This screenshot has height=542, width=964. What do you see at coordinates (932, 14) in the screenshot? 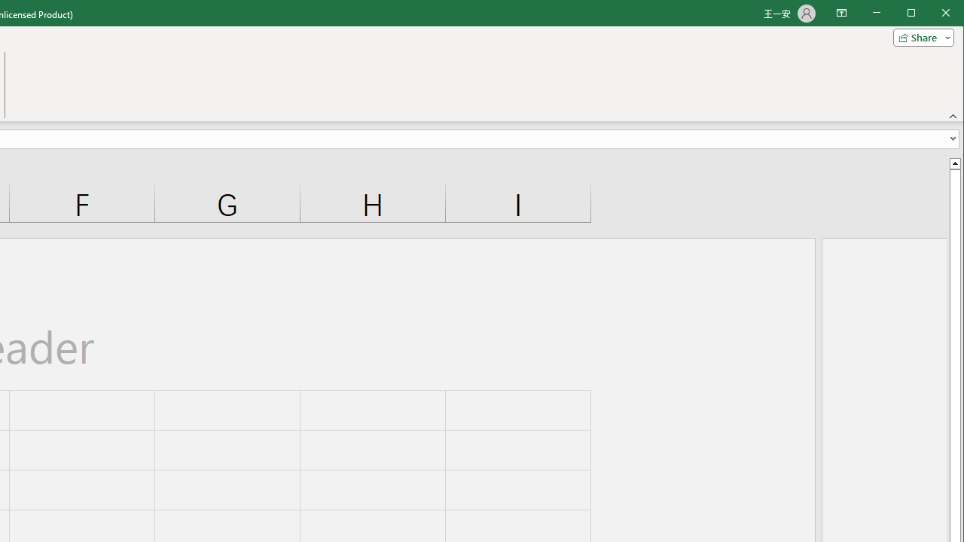
I see `'Maximize'` at bounding box center [932, 14].